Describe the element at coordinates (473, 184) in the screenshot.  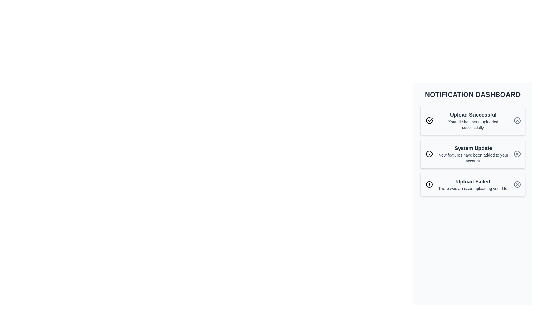
I see `the third notification alert in the Notification Dashboard section, which displays a red left border and the message 'Upload Failed'` at that location.